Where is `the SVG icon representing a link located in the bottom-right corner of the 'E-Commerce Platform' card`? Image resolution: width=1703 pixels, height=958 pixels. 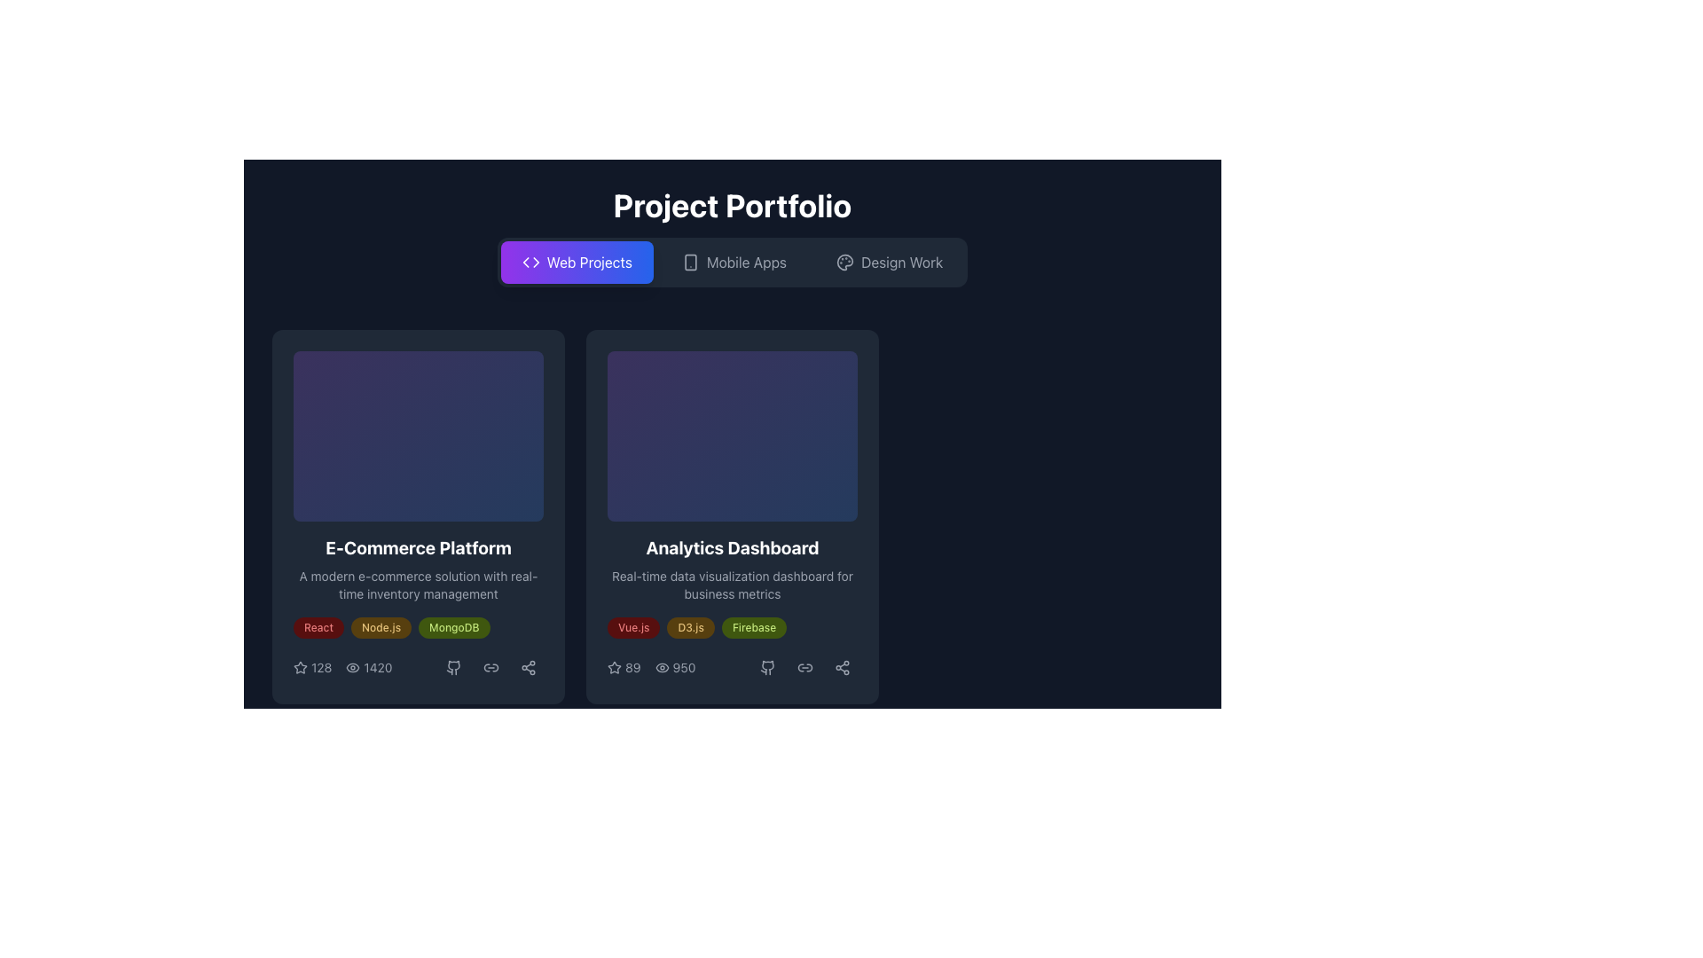
the SVG icon representing a link located in the bottom-right corner of the 'E-Commerce Platform' card is located at coordinates (490, 667).